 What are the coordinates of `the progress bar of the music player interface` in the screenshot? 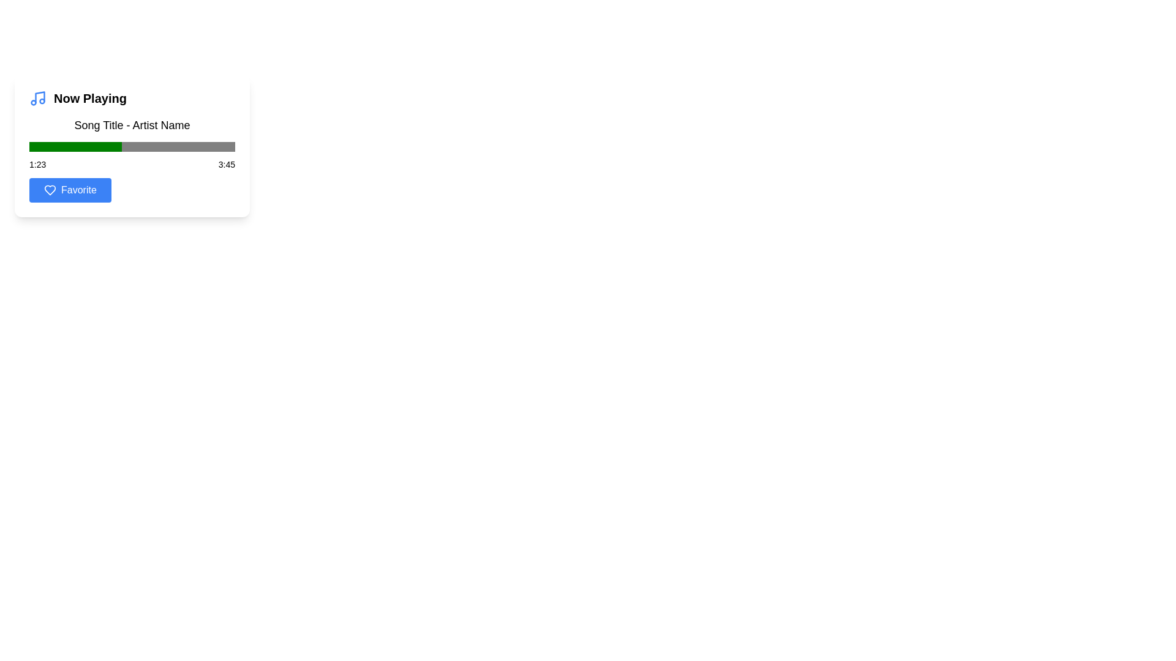 It's located at (132, 146).